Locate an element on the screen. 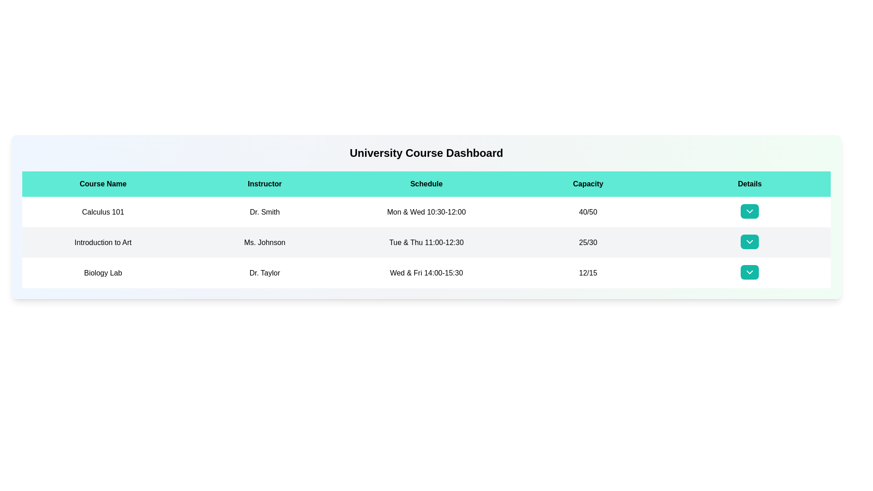 The height and width of the screenshot is (491, 873). the text label displaying the schedule 'Tue & Thu 11:00-12:30' for the course 'Introduction to Art', which is positioned in the 'Schedule' column adjacent to 'Ms. Johnson' and '25/30' is located at coordinates (426, 242).